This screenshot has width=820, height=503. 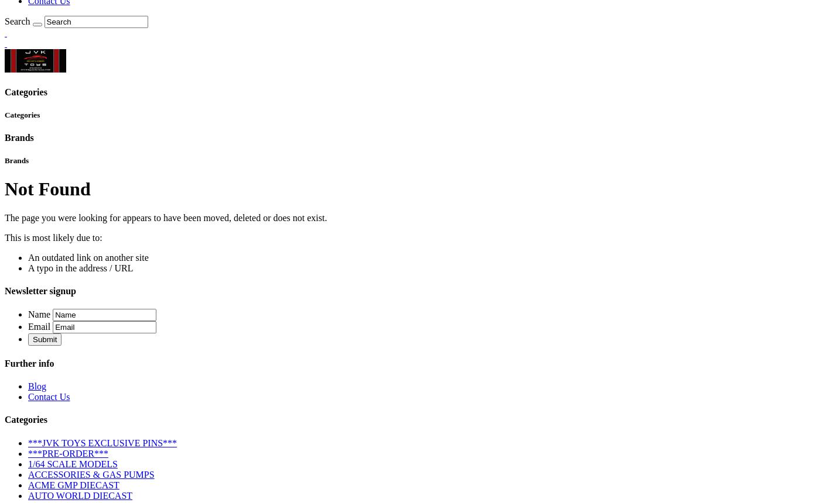 What do you see at coordinates (28, 396) in the screenshot?
I see `'Contact Us'` at bounding box center [28, 396].